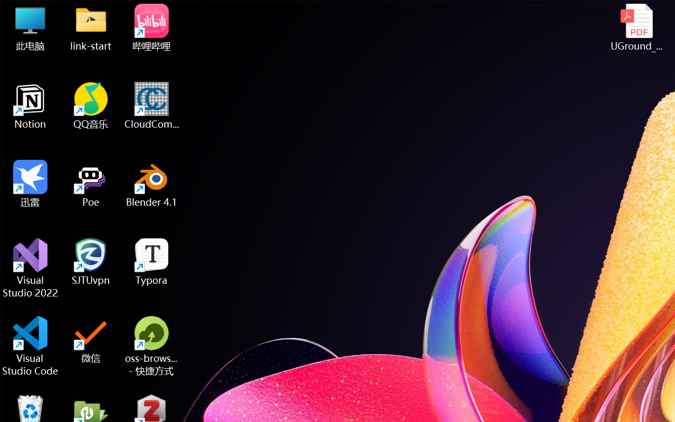 The width and height of the screenshot is (675, 422). What do you see at coordinates (151, 105) in the screenshot?
I see `'CloudCompare'` at bounding box center [151, 105].